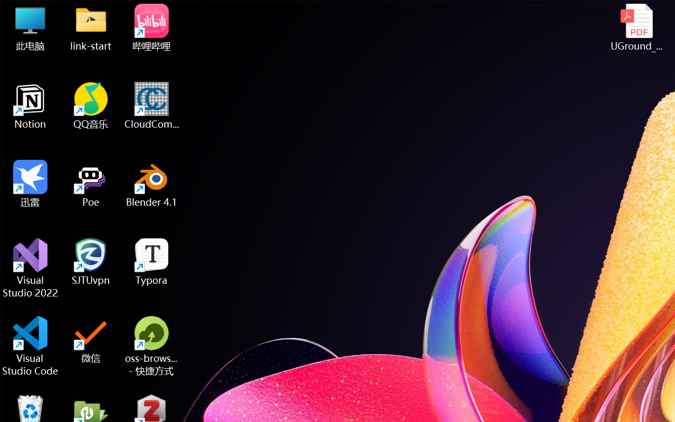 The width and height of the screenshot is (675, 422). What do you see at coordinates (151, 105) in the screenshot?
I see `'CloudCompare'` at bounding box center [151, 105].